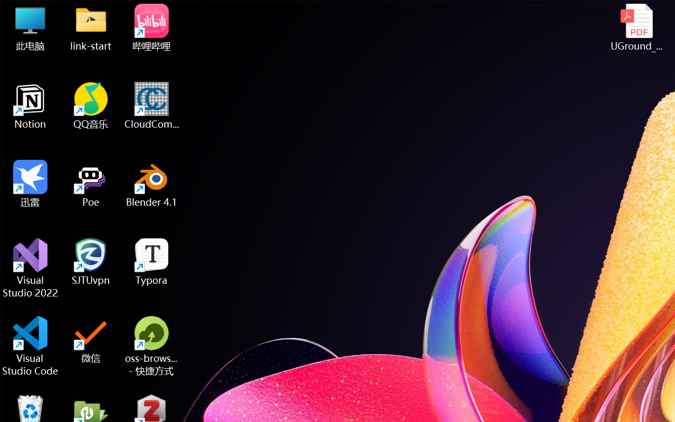 The width and height of the screenshot is (675, 422). What do you see at coordinates (151, 105) in the screenshot?
I see `'CloudCompare'` at bounding box center [151, 105].